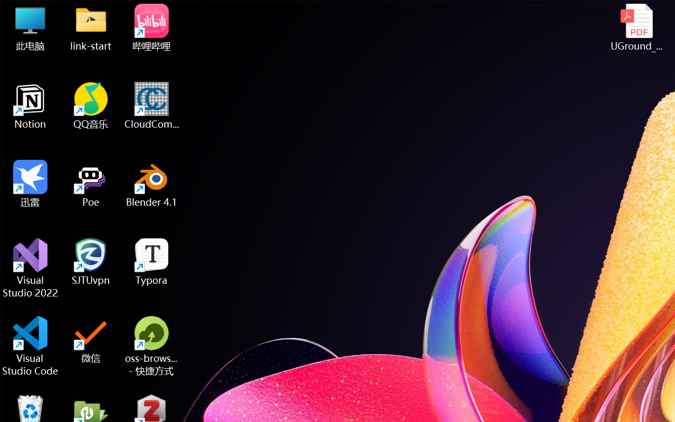 The width and height of the screenshot is (675, 422). What do you see at coordinates (151, 105) in the screenshot?
I see `'CloudCompare'` at bounding box center [151, 105].